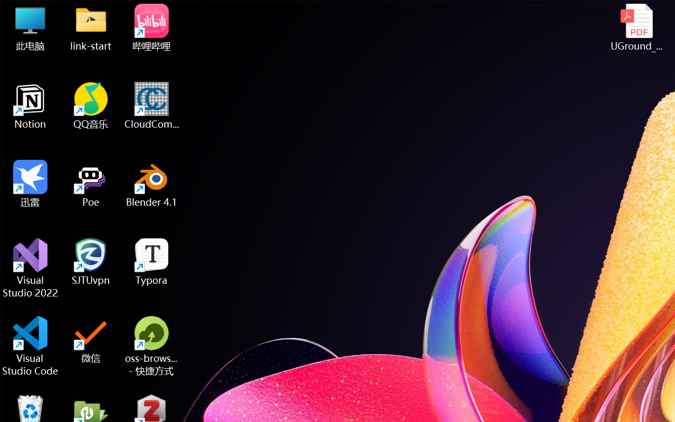 The width and height of the screenshot is (675, 422). What do you see at coordinates (151, 105) in the screenshot?
I see `'CloudCompare'` at bounding box center [151, 105].